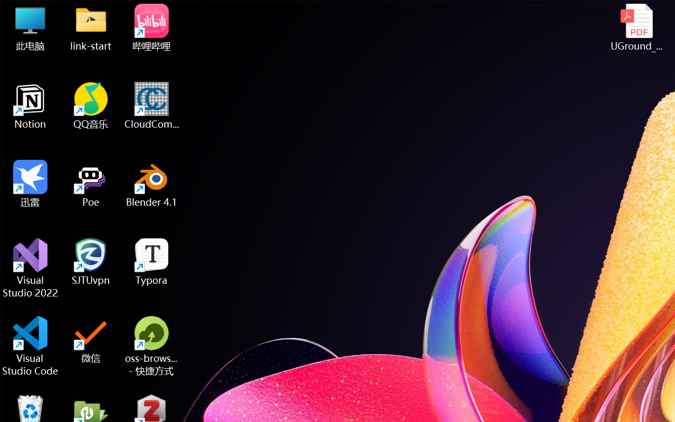 The width and height of the screenshot is (675, 422). What do you see at coordinates (151, 105) in the screenshot?
I see `'CloudCompare'` at bounding box center [151, 105].